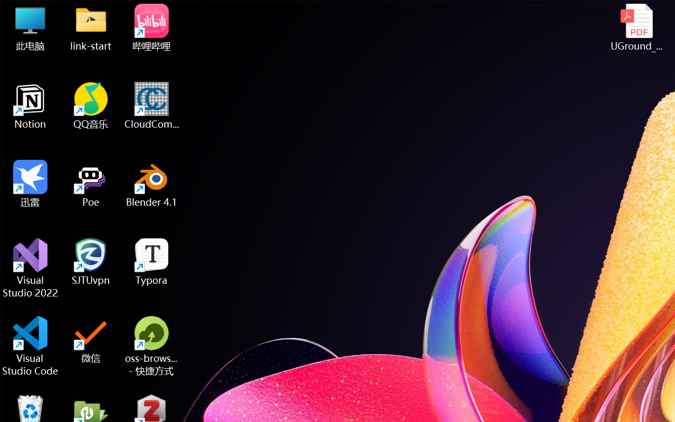 The width and height of the screenshot is (675, 422). What do you see at coordinates (151, 105) in the screenshot?
I see `'CloudCompare'` at bounding box center [151, 105].